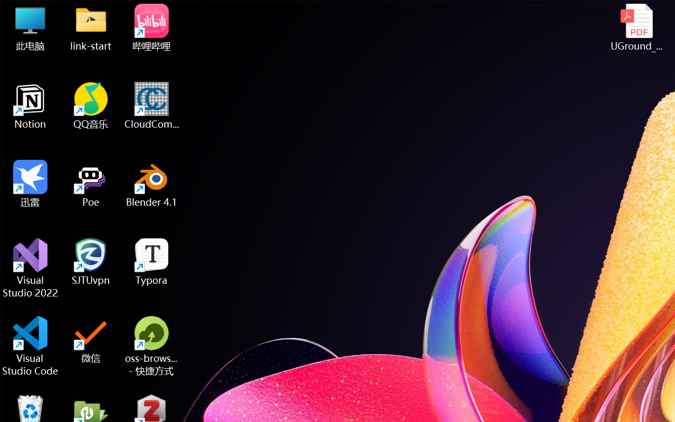 The width and height of the screenshot is (675, 422). What do you see at coordinates (151, 105) in the screenshot?
I see `'CloudCompare'` at bounding box center [151, 105].